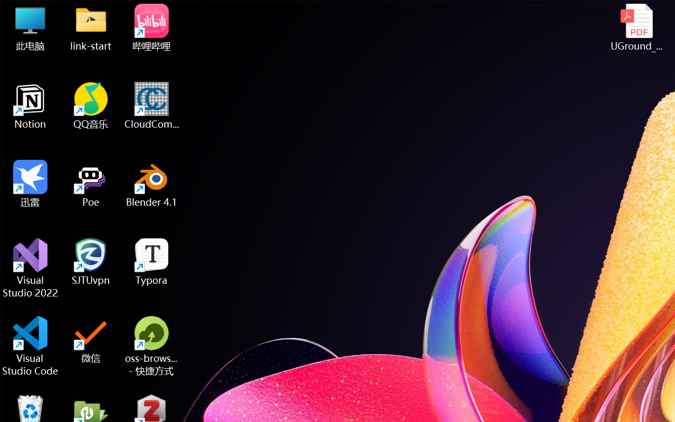 The width and height of the screenshot is (675, 422). What do you see at coordinates (151, 105) in the screenshot?
I see `'CloudCompare'` at bounding box center [151, 105].